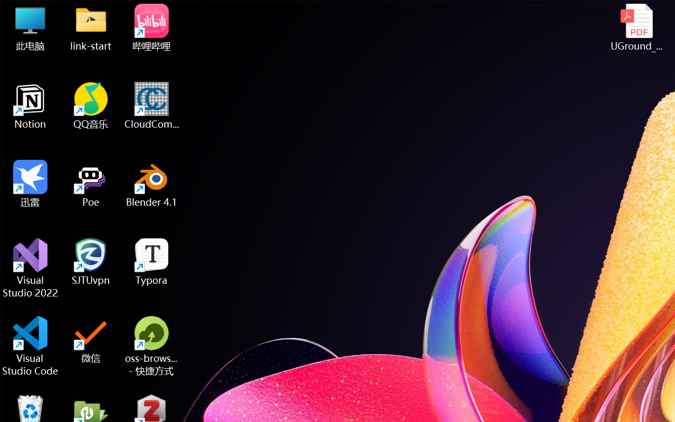 The width and height of the screenshot is (675, 422). What do you see at coordinates (151, 105) in the screenshot?
I see `'CloudCompare'` at bounding box center [151, 105].